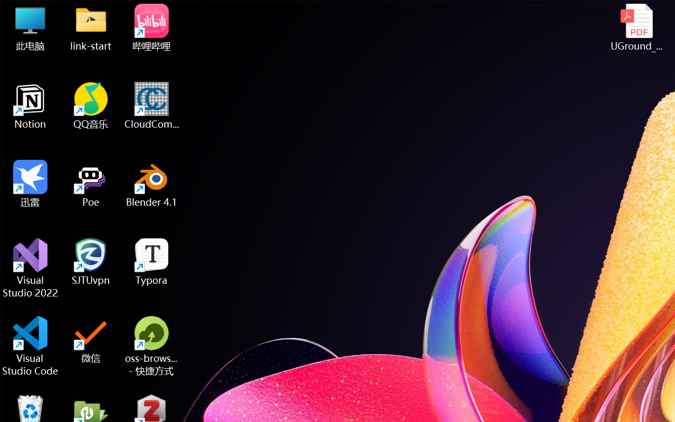 The width and height of the screenshot is (675, 422). What do you see at coordinates (151, 105) in the screenshot?
I see `'CloudCompare'` at bounding box center [151, 105].